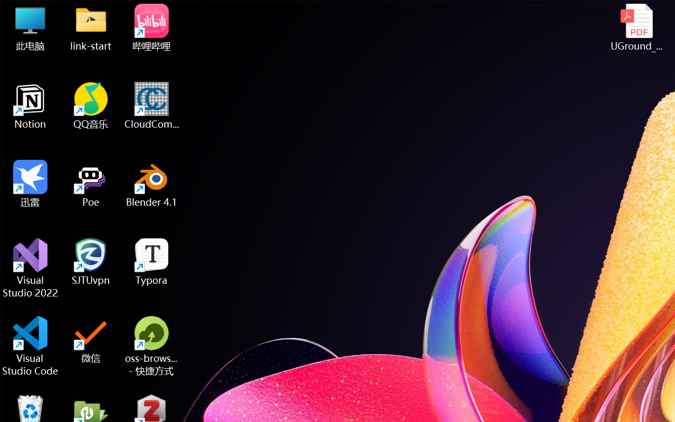 The width and height of the screenshot is (675, 422). What do you see at coordinates (151, 105) in the screenshot?
I see `'CloudCompare'` at bounding box center [151, 105].